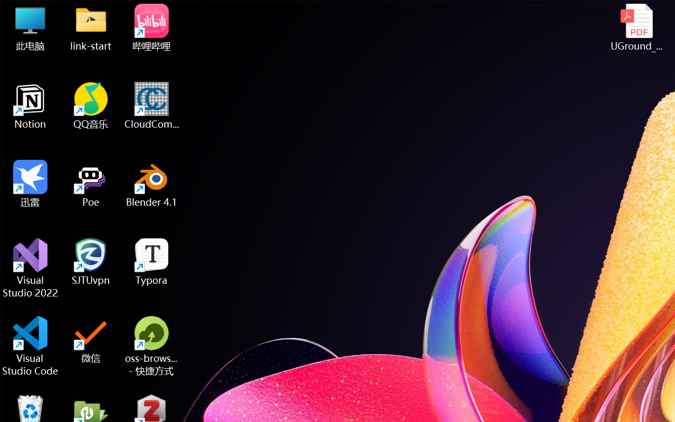 The width and height of the screenshot is (675, 422). What do you see at coordinates (151, 105) in the screenshot?
I see `'CloudCompare'` at bounding box center [151, 105].